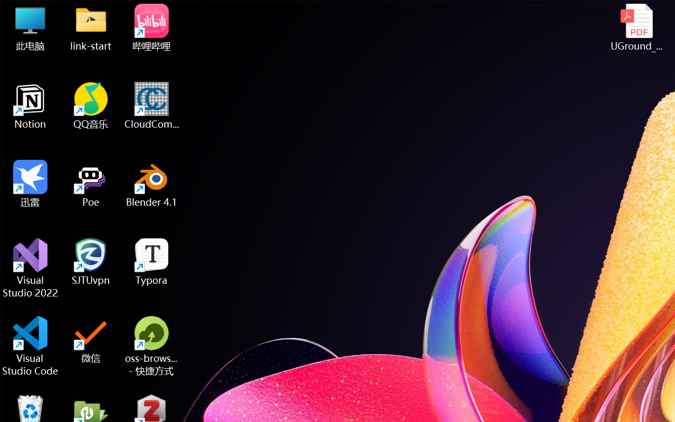 The width and height of the screenshot is (675, 422). What do you see at coordinates (151, 105) in the screenshot?
I see `'CloudCompare'` at bounding box center [151, 105].